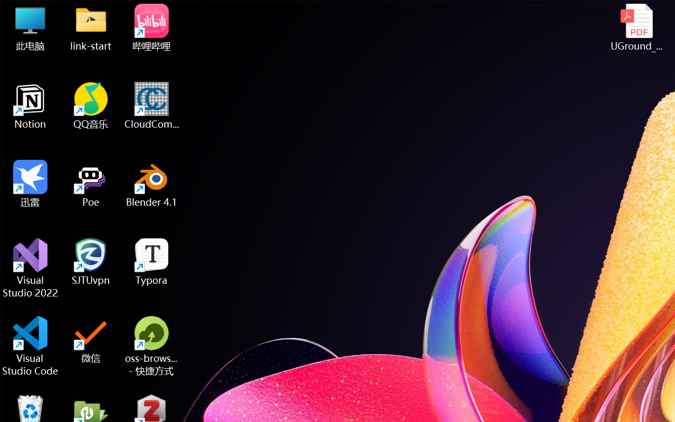 The width and height of the screenshot is (675, 422). What do you see at coordinates (151, 105) in the screenshot?
I see `'CloudCompare'` at bounding box center [151, 105].